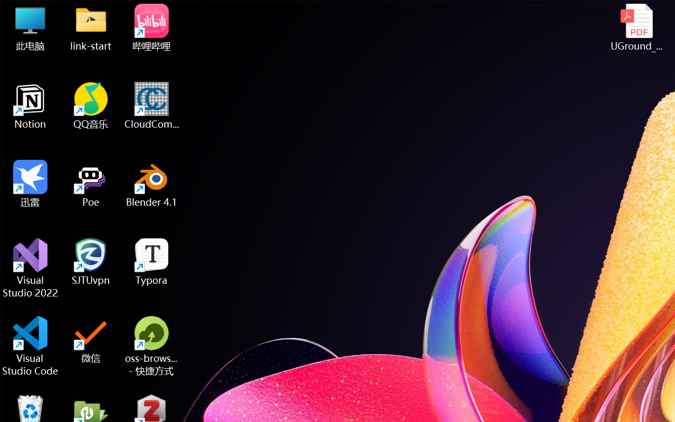 The width and height of the screenshot is (675, 422). What do you see at coordinates (151, 105) in the screenshot?
I see `'CloudCompare'` at bounding box center [151, 105].